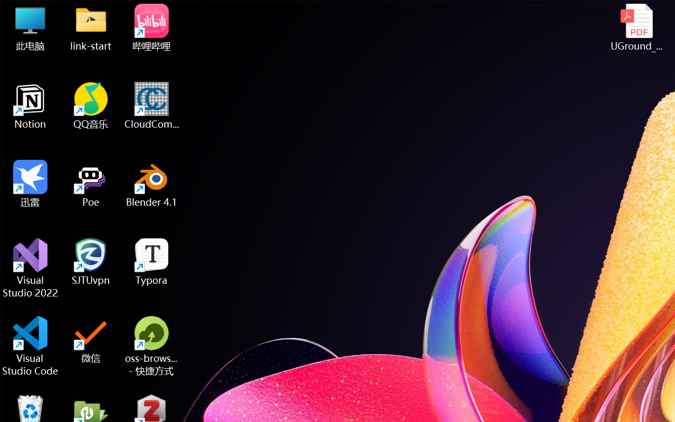 The width and height of the screenshot is (675, 422). What do you see at coordinates (151, 105) in the screenshot?
I see `'CloudCompare'` at bounding box center [151, 105].